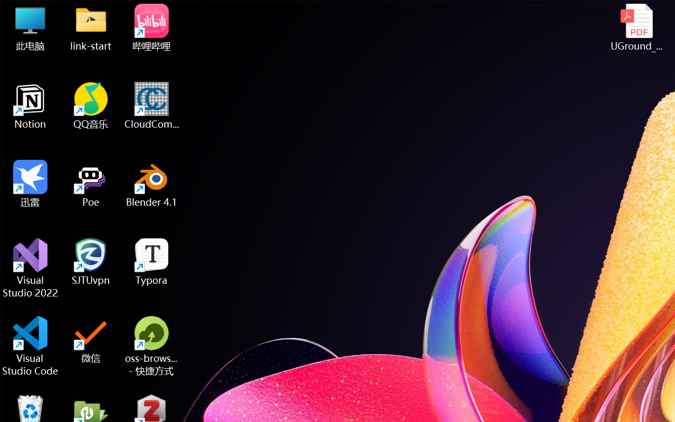 The width and height of the screenshot is (675, 422). What do you see at coordinates (151, 105) in the screenshot?
I see `'CloudCompare'` at bounding box center [151, 105].